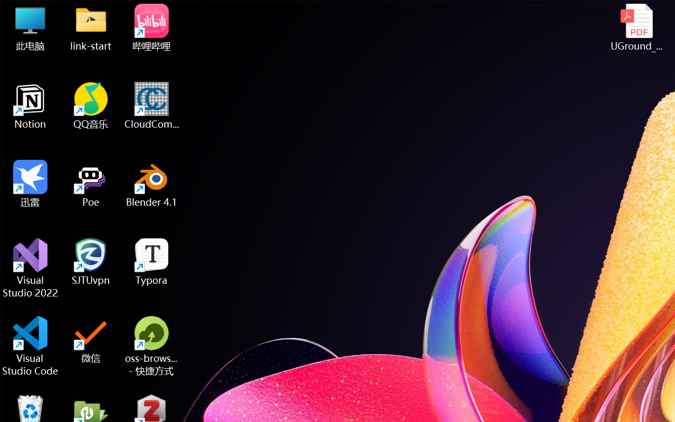 The width and height of the screenshot is (675, 422). What do you see at coordinates (151, 105) in the screenshot?
I see `'CloudCompare'` at bounding box center [151, 105].